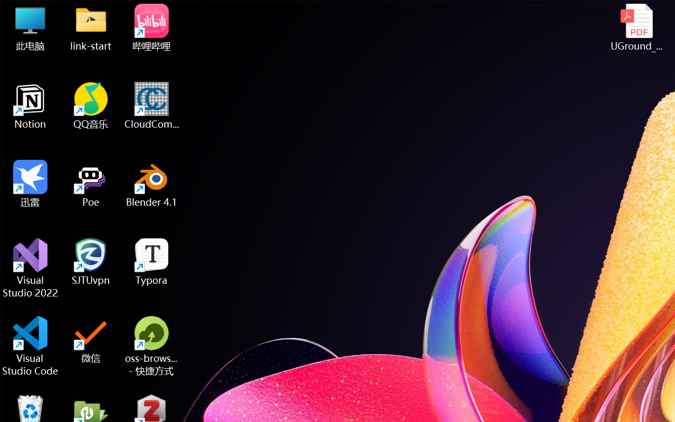 The width and height of the screenshot is (675, 422). What do you see at coordinates (151, 105) in the screenshot?
I see `'CloudCompare'` at bounding box center [151, 105].